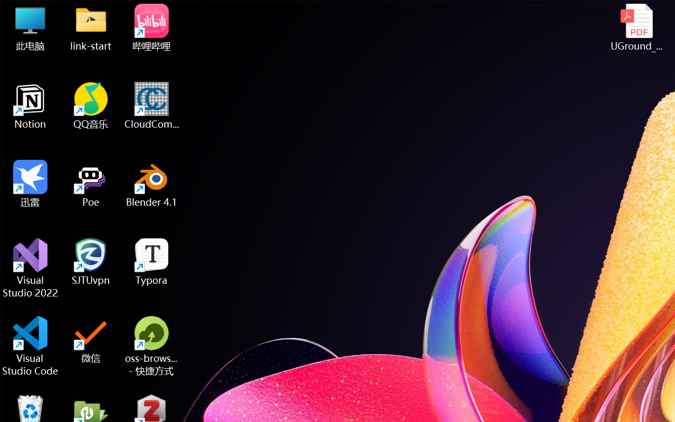 The width and height of the screenshot is (675, 422). What do you see at coordinates (151, 105) in the screenshot?
I see `'CloudCompare'` at bounding box center [151, 105].